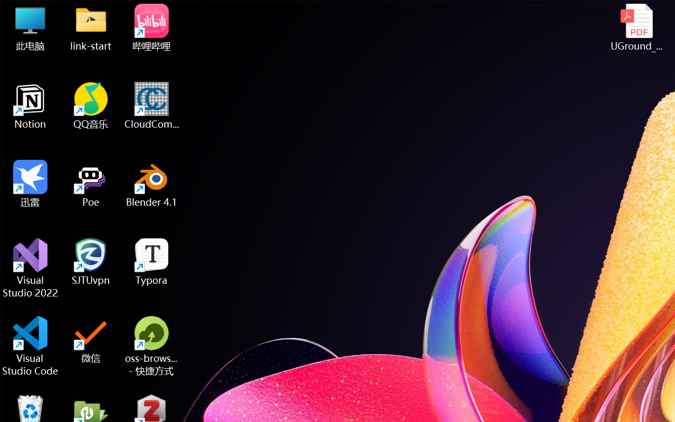 The width and height of the screenshot is (675, 422). What do you see at coordinates (151, 105) in the screenshot?
I see `'CloudCompare'` at bounding box center [151, 105].